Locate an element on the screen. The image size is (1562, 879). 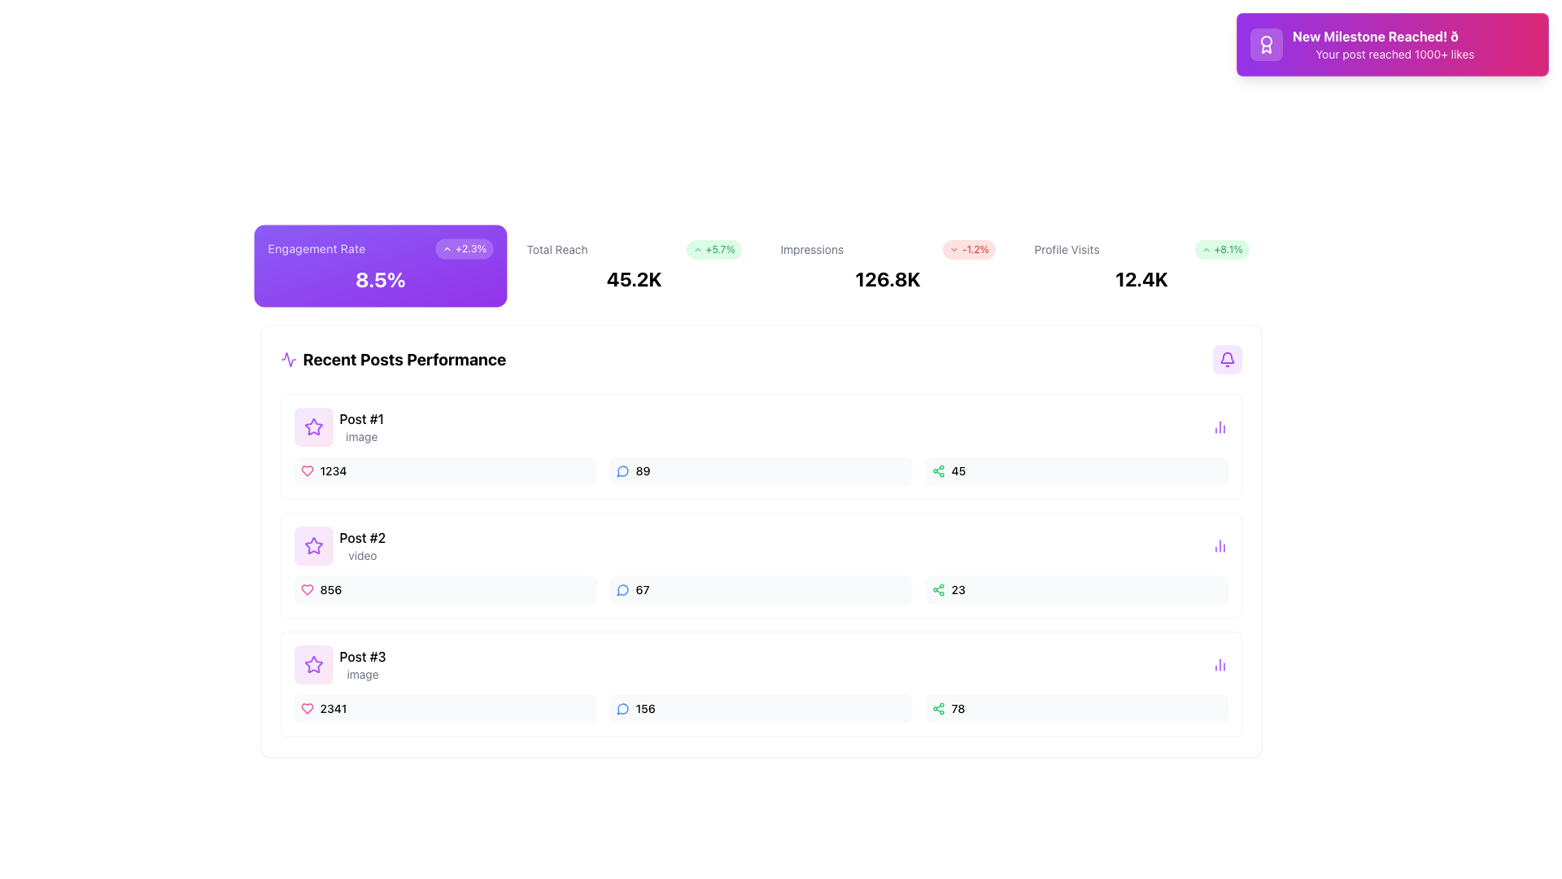
the appearance of the upward-facing chevron icon located to the right of the text '+2.3%' within the engagement rate section is located at coordinates (446, 248).